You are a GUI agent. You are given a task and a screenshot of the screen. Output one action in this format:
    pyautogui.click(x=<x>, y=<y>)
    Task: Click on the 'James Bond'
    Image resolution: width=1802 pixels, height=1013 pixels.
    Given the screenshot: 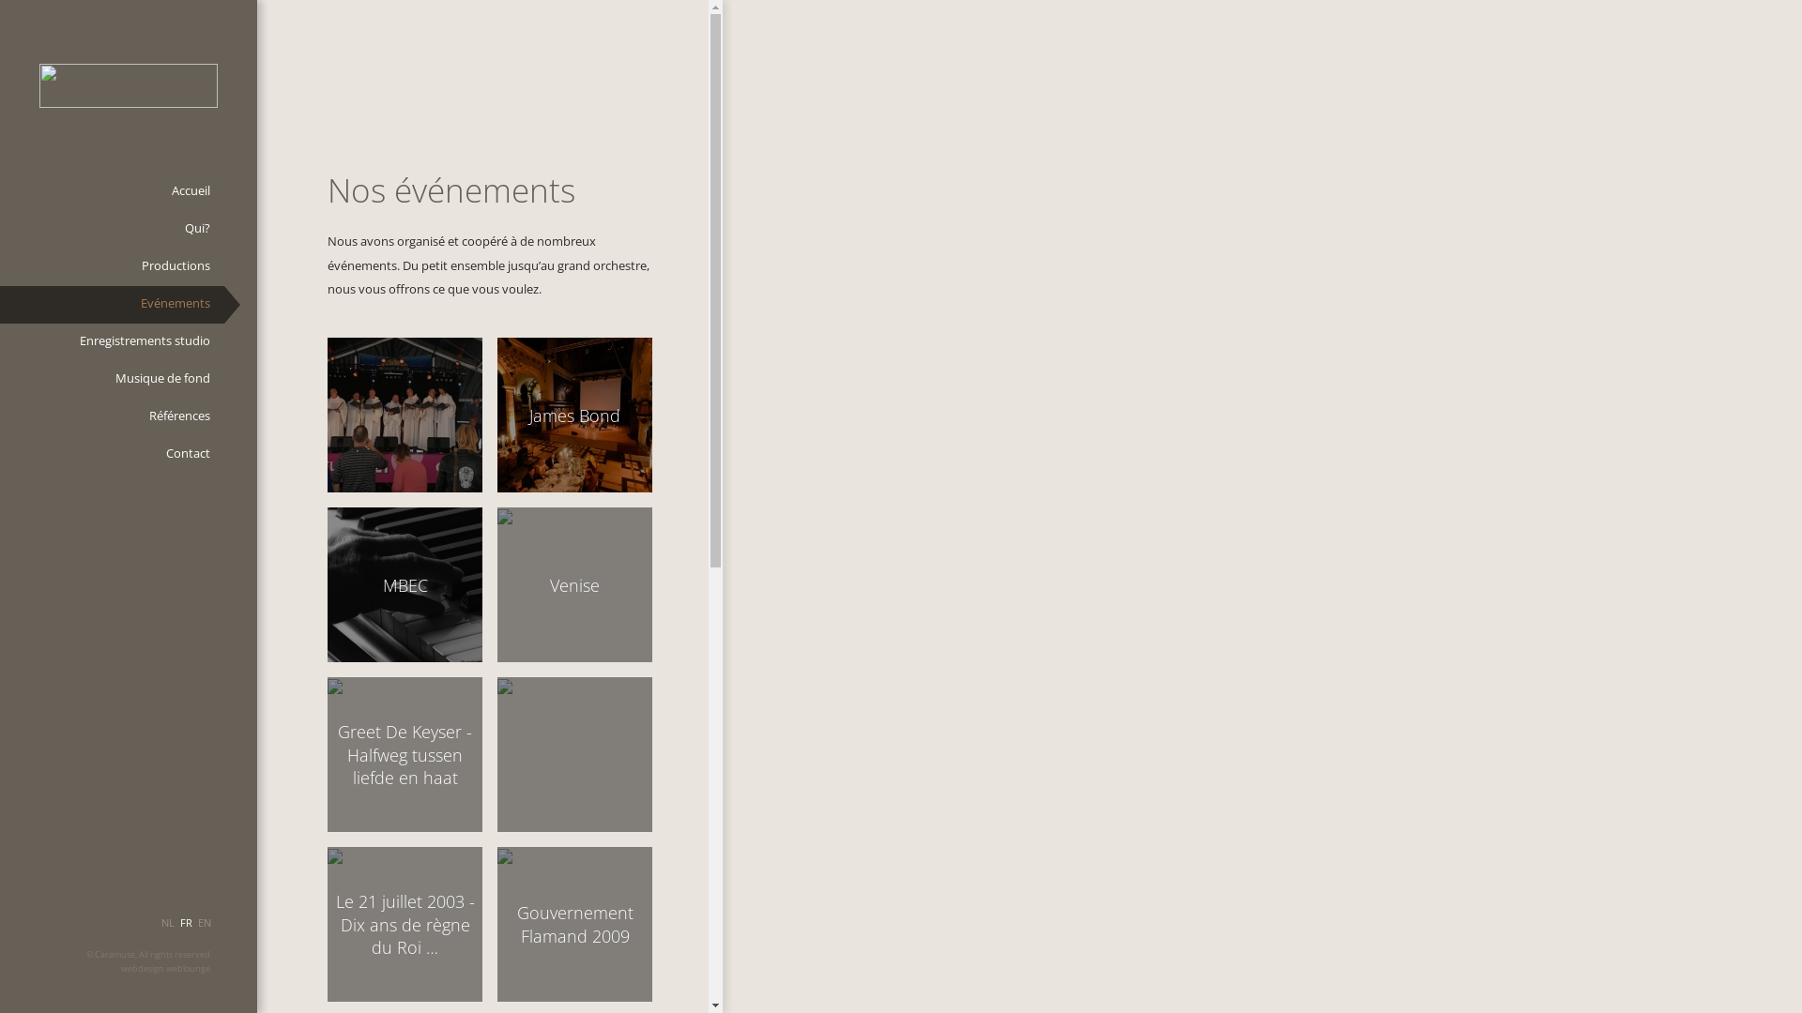 What is the action you would take?
    pyautogui.click(x=573, y=414)
    